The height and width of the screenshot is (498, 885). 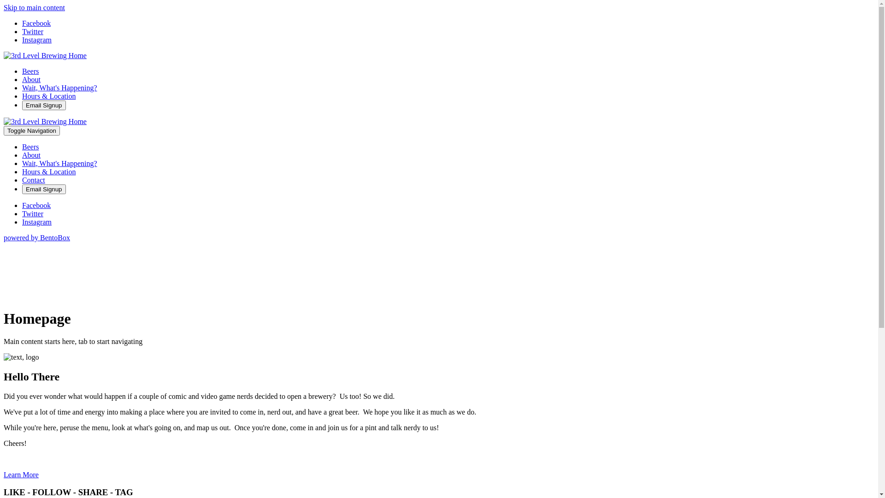 I want to click on 'Beers', so click(x=30, y=71).